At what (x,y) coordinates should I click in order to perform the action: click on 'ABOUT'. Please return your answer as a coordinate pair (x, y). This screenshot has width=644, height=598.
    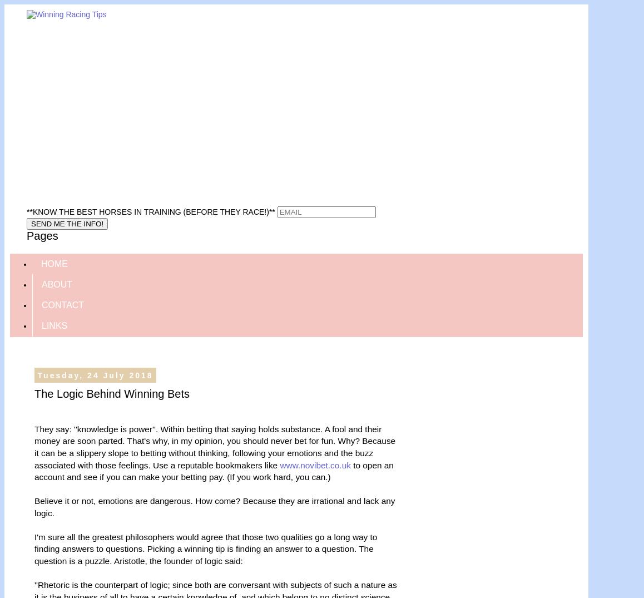
    Looking at the image, I should click on (57, 283).